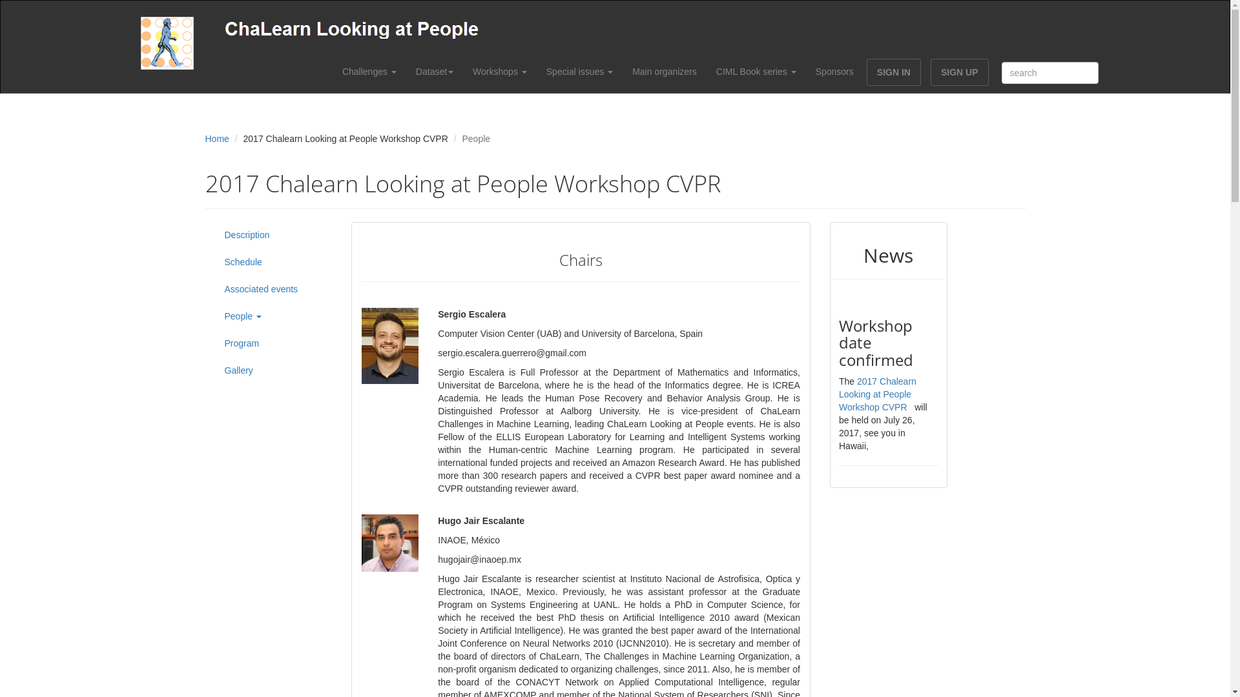  What do you see at coordinates (272, 370) in the screenshot?
I see `'Gallery'` at bounding box center [272, 370].